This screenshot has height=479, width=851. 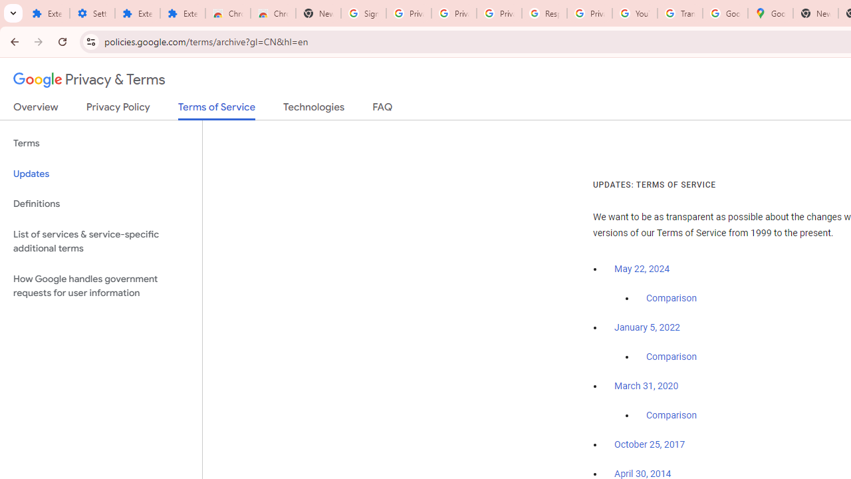 What do you see at coordinates (650, 445) in the screenshot?
I see `'October 25, 2017'` at bounding box center [650, 445].